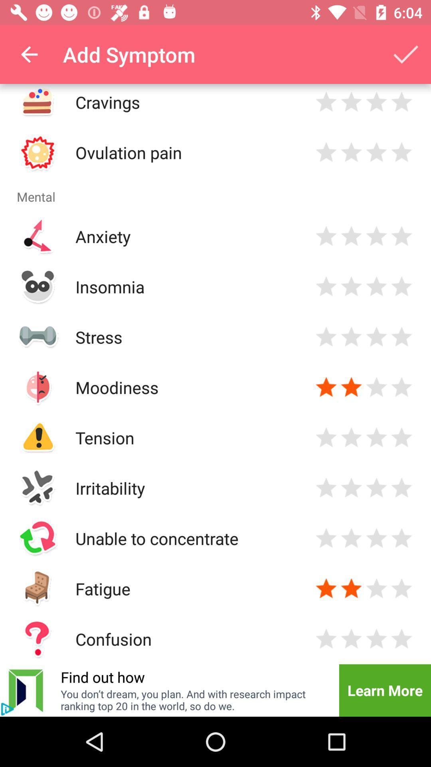 This screenshot has width=431, height=767. What do you see at coordinates (7, 709) in the screenshot?
I see `extra information of advertisement` at bounding box center [7, 709].